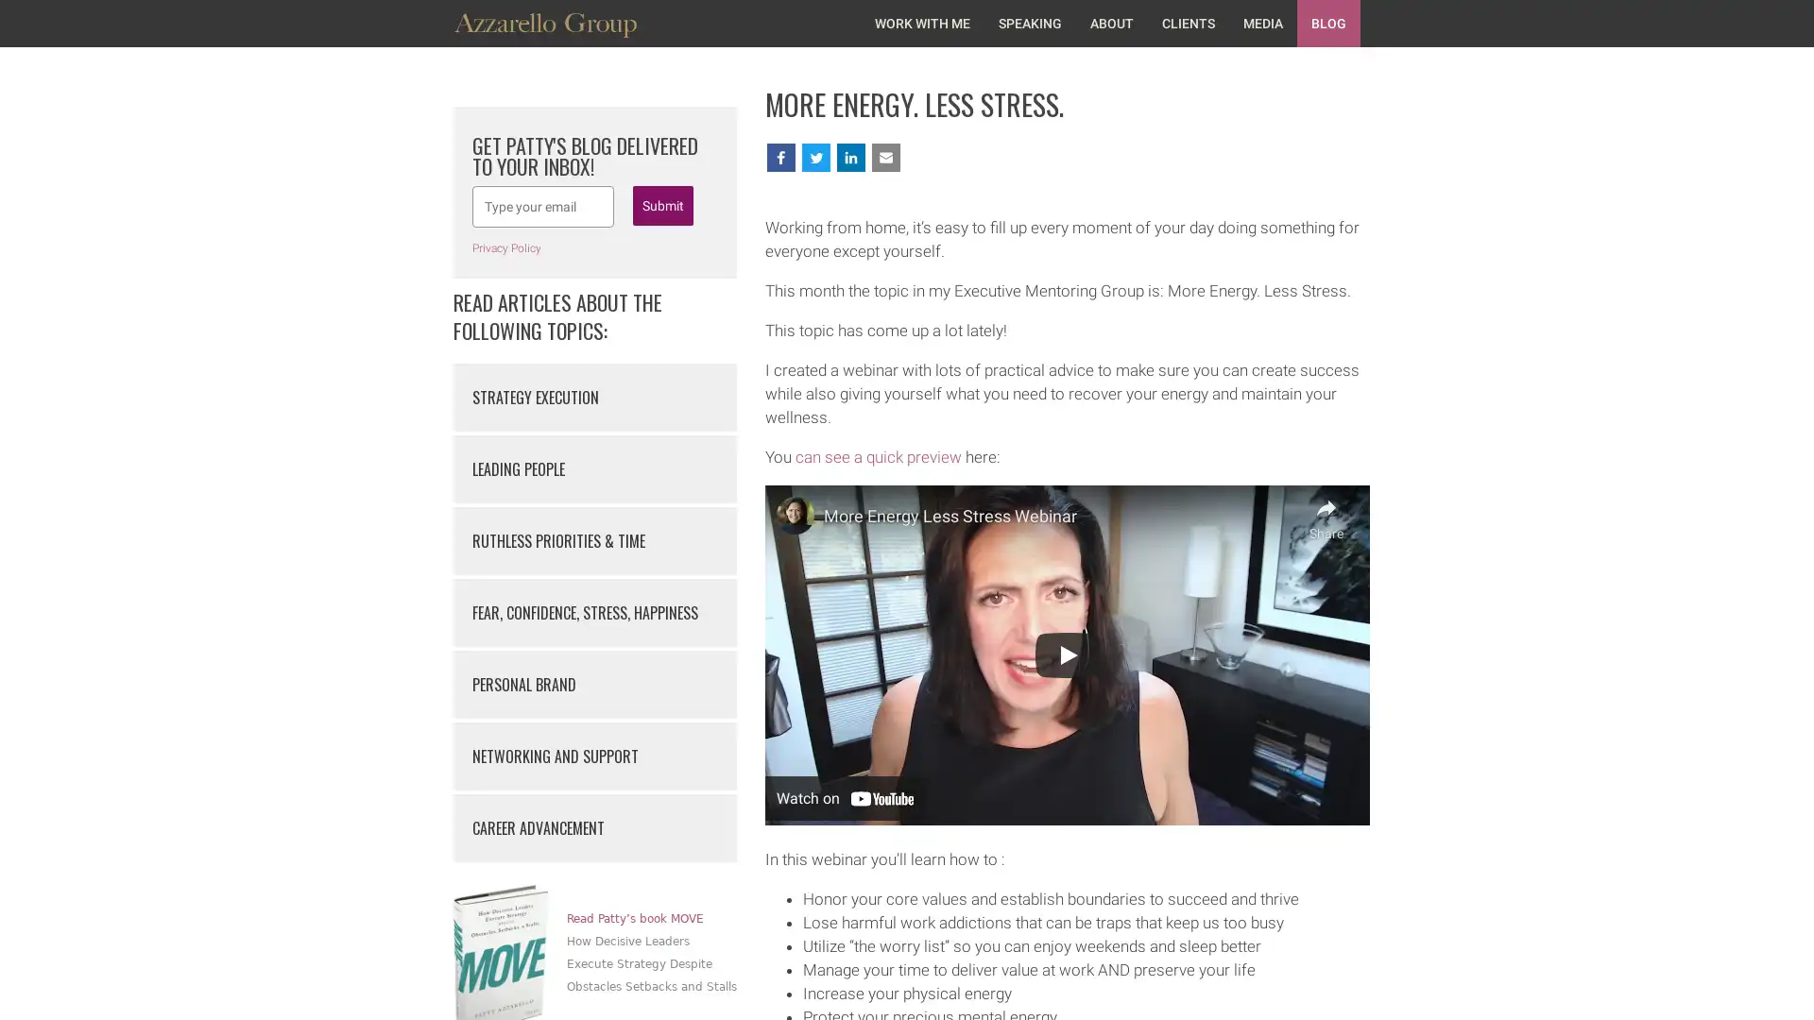 The width and height of the screenshot is (1814, 1020). Describe the element at coordinates (1086, 156) in the screenshot. I see `Share to Email Email` at that location.